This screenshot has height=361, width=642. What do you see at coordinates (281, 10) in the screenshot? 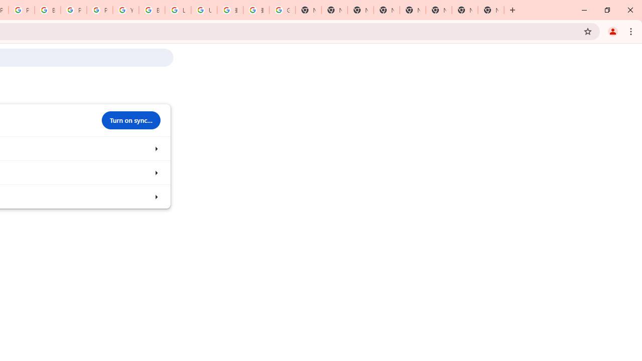
I see `'Google Images'` at bounding box center [281, 10].